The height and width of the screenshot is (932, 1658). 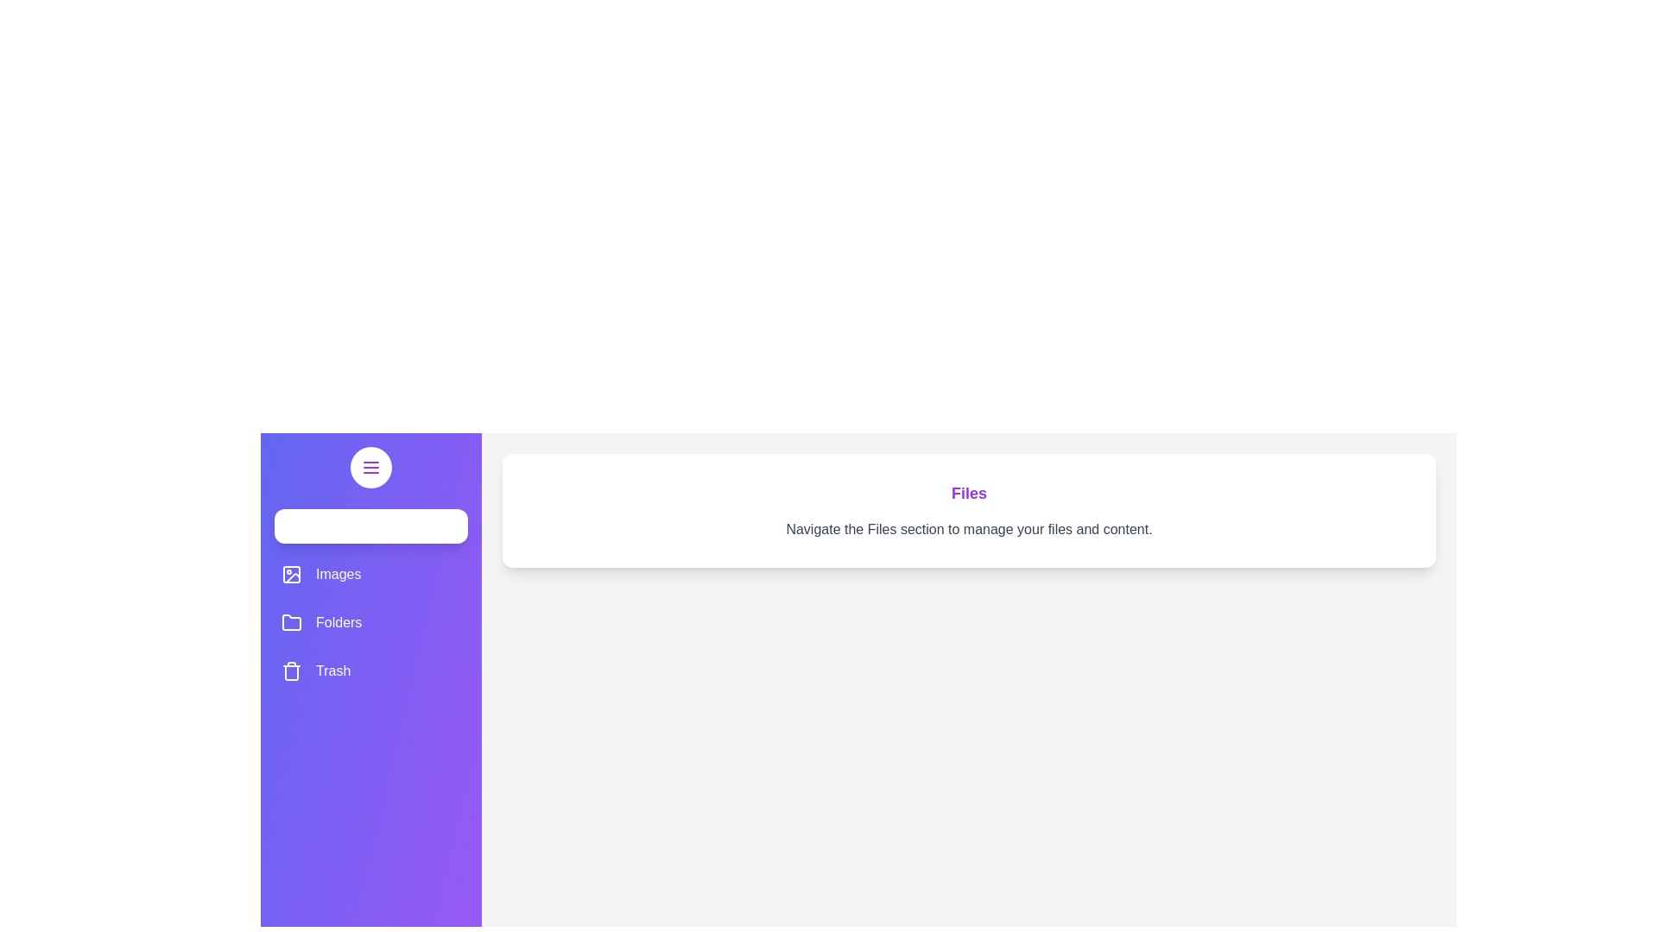 I want to click on the section list item labeled Trash to observe the hover effect, so click(x=370, y=671).